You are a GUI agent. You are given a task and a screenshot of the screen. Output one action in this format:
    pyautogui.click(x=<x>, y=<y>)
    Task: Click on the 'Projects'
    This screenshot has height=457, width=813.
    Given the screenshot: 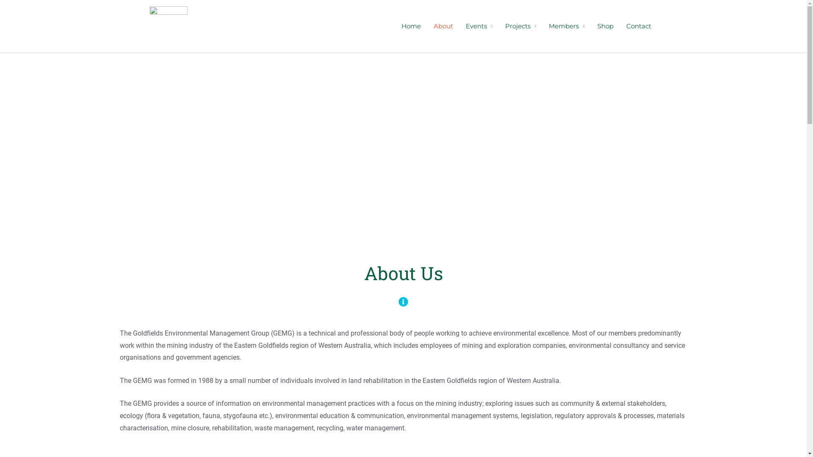 What is the action you would take?
    pyautogui.click(x=520, y=25)
    